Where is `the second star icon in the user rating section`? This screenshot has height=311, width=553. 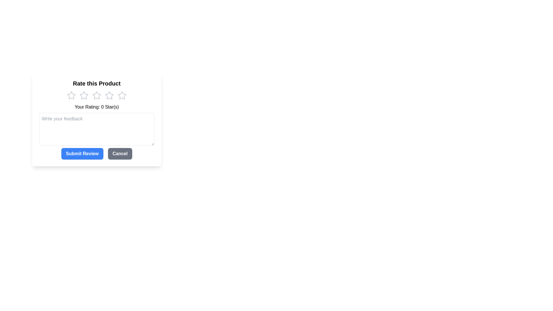 the second star icon in the user rating section is located at coordinates (84, 95).